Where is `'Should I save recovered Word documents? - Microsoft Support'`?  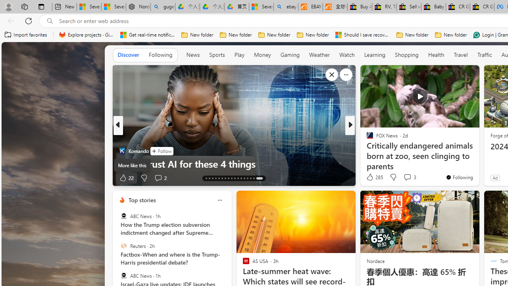
'Should I save recovered Word documents? - Microsoft Support' is located at coordinates (362, 35).